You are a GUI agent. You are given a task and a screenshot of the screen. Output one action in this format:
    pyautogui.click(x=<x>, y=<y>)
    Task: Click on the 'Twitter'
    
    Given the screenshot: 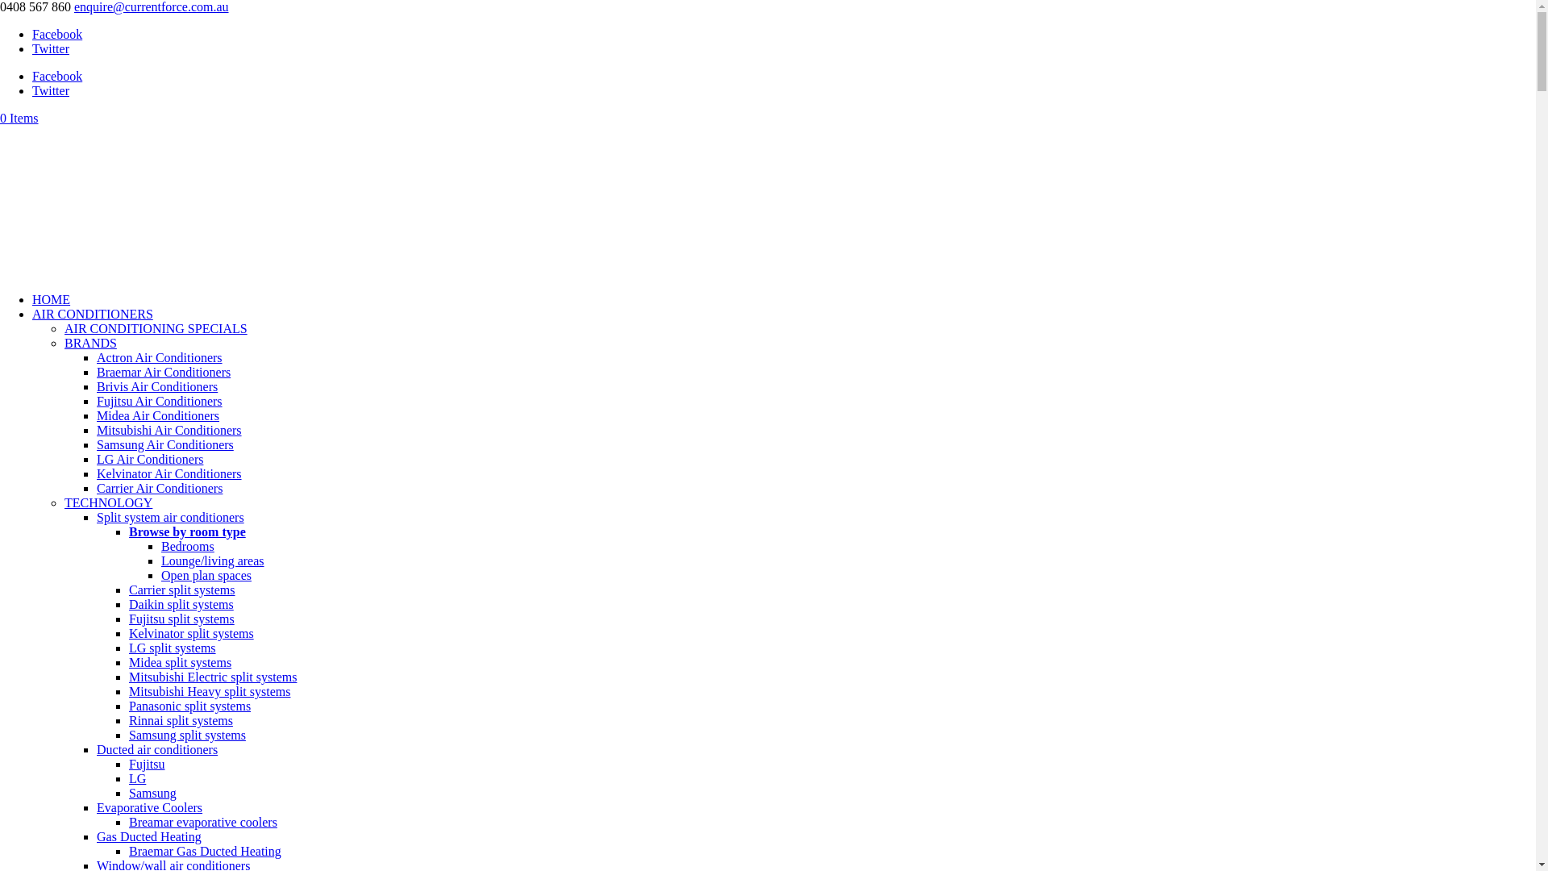 What is the action you would take?
    pyautogui.click(x=50, y=48)
    